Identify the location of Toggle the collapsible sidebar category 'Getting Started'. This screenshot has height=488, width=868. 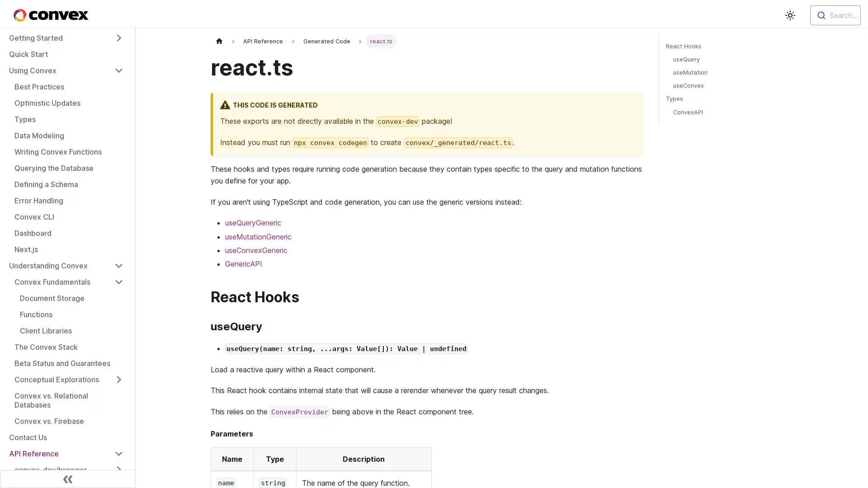
(118, 38).